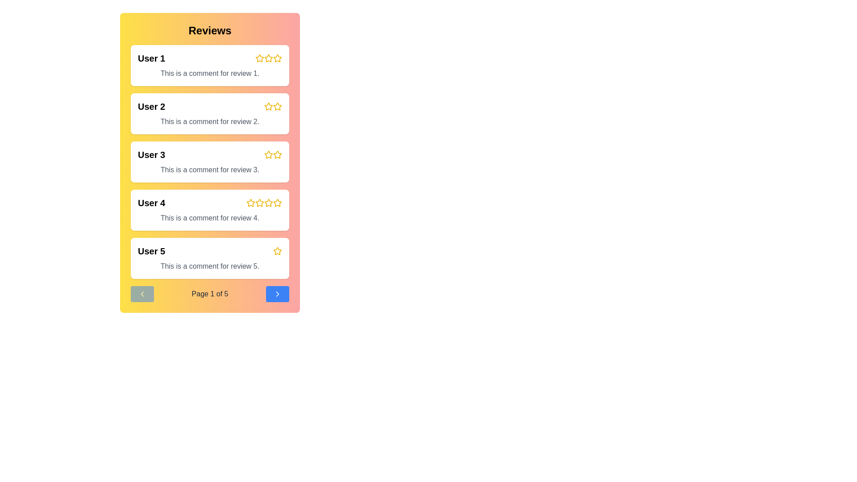  What do you see at coordinates (268, 154) in the screenshot?
I see `the third star-shaped rating icon outlined in yellow` at bounding box center [268, 154].